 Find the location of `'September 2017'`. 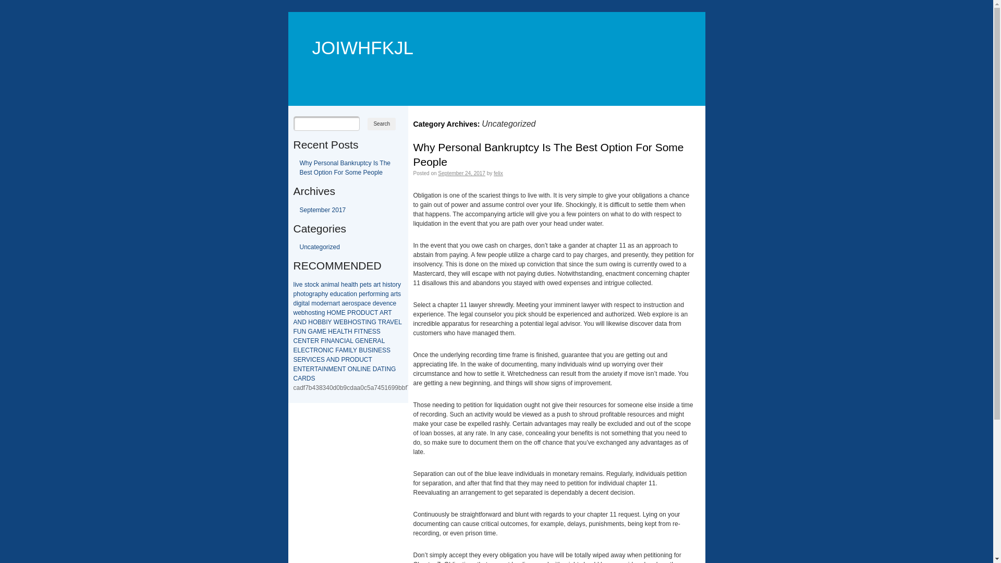

'September 2017' is located at coordinates (322, 210).